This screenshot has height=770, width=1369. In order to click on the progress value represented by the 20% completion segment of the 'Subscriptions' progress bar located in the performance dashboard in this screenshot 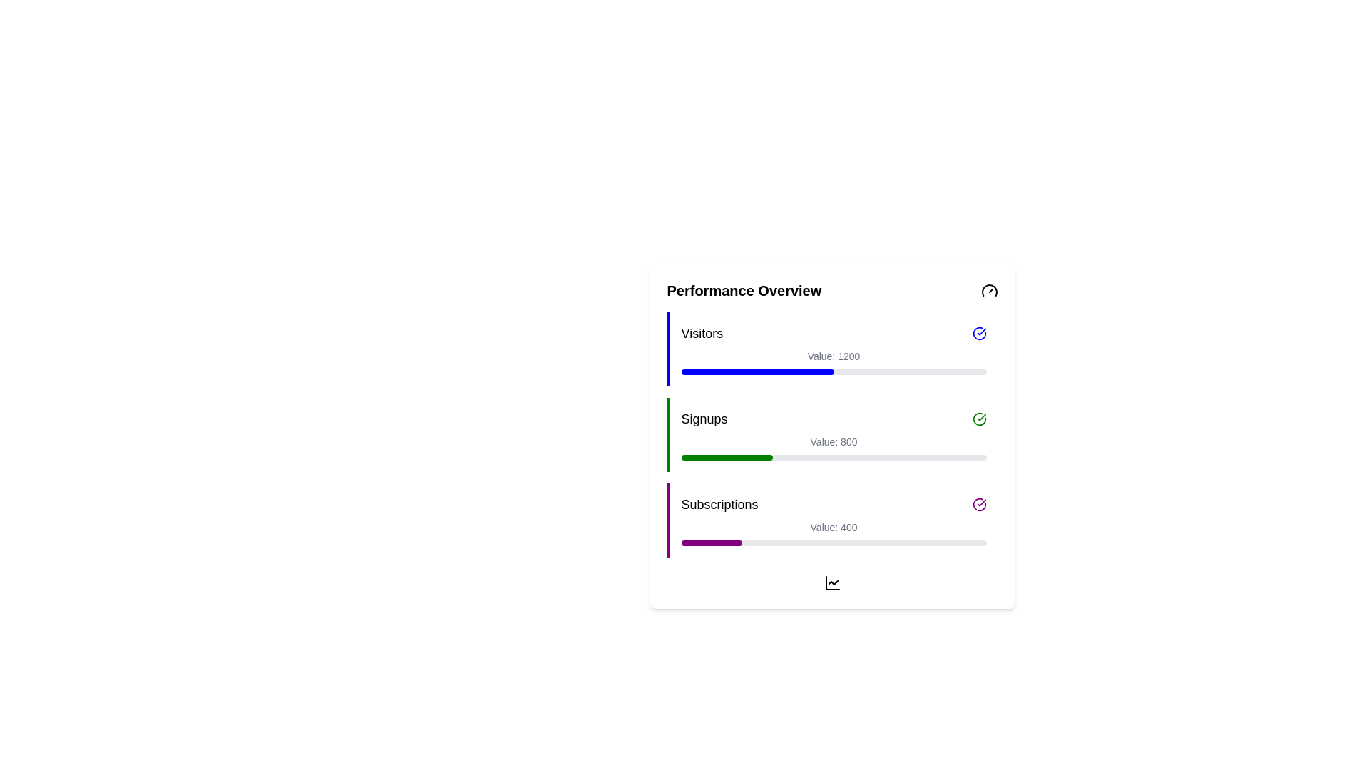, I will do `click(712, 543)`.